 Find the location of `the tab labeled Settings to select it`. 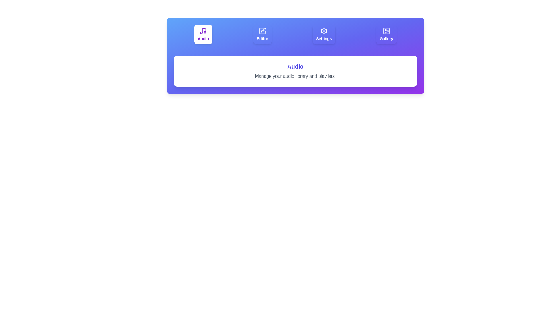

the tab labeled Settings to select it is located at coordinates (324, 34).